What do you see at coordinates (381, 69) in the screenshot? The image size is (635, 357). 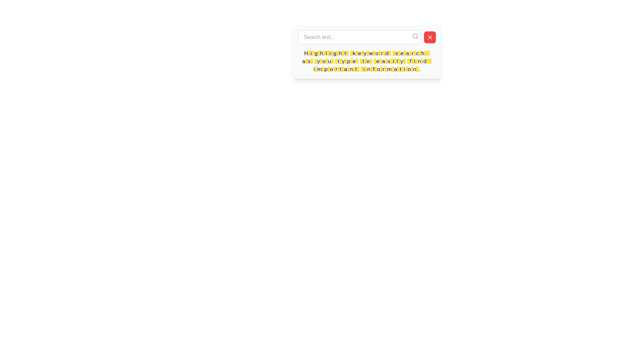 I see `the small rectangular text highlight with a yellow background and black text, located within the instructional text at the bottom of the card-like structure` at bounding box center [381, 69].